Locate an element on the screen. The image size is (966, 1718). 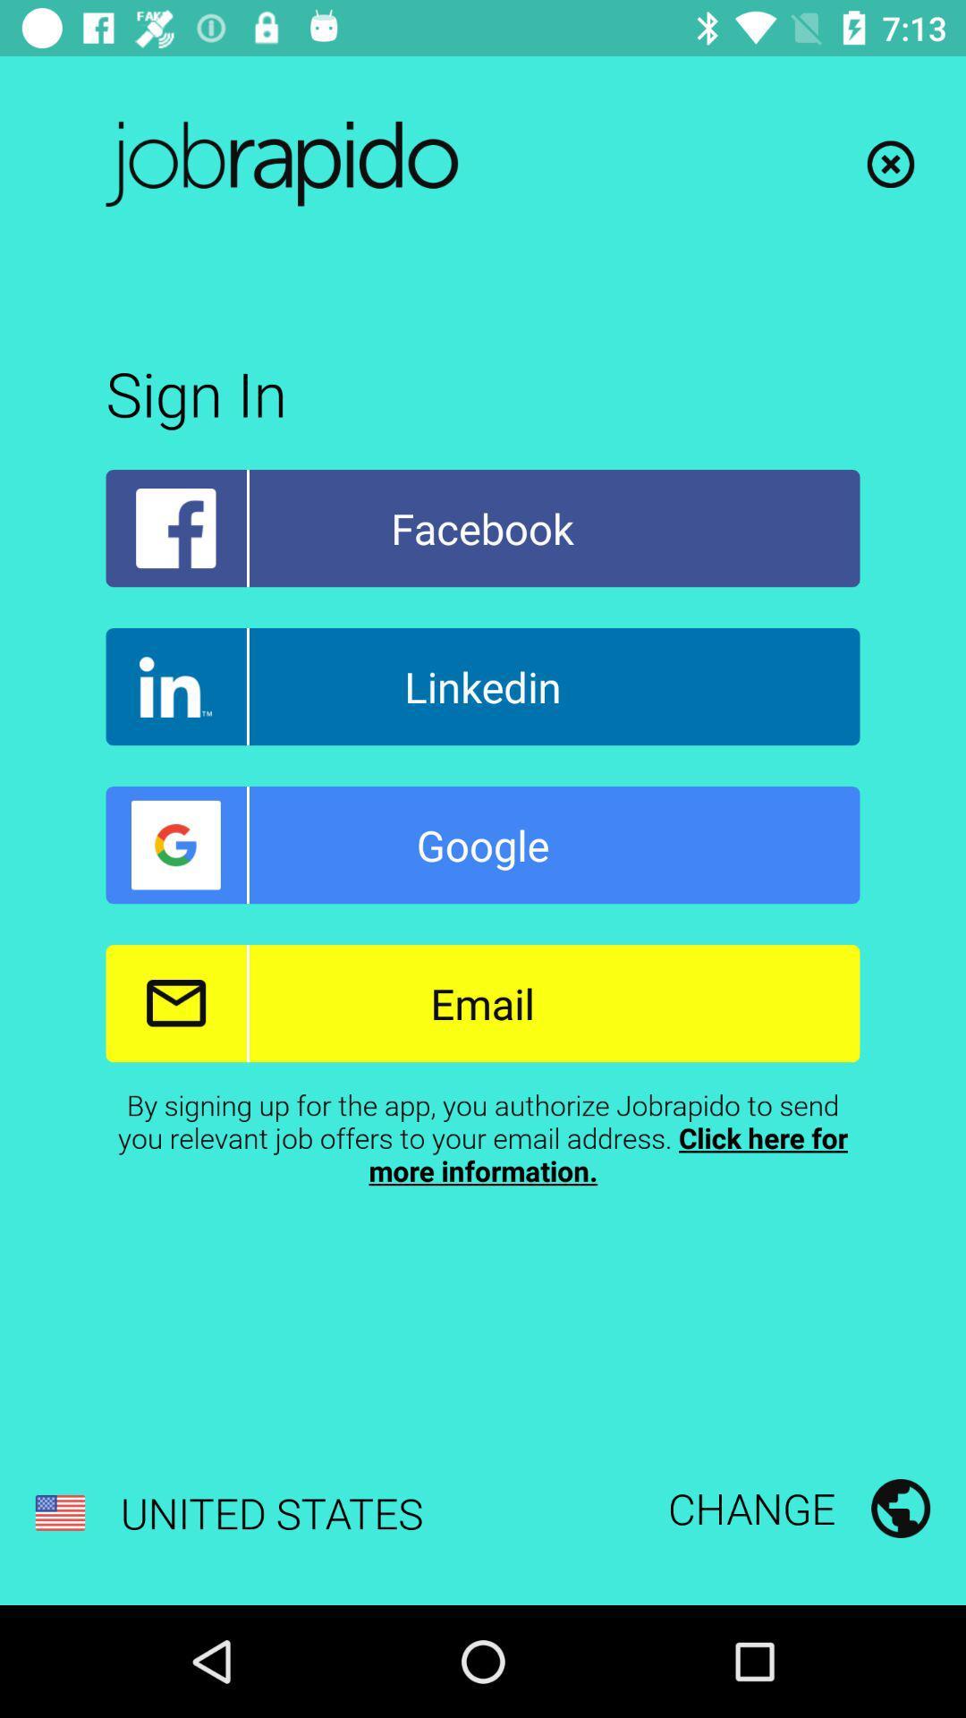
the change at the bottom right corner is located at coordinates (798, 1507).